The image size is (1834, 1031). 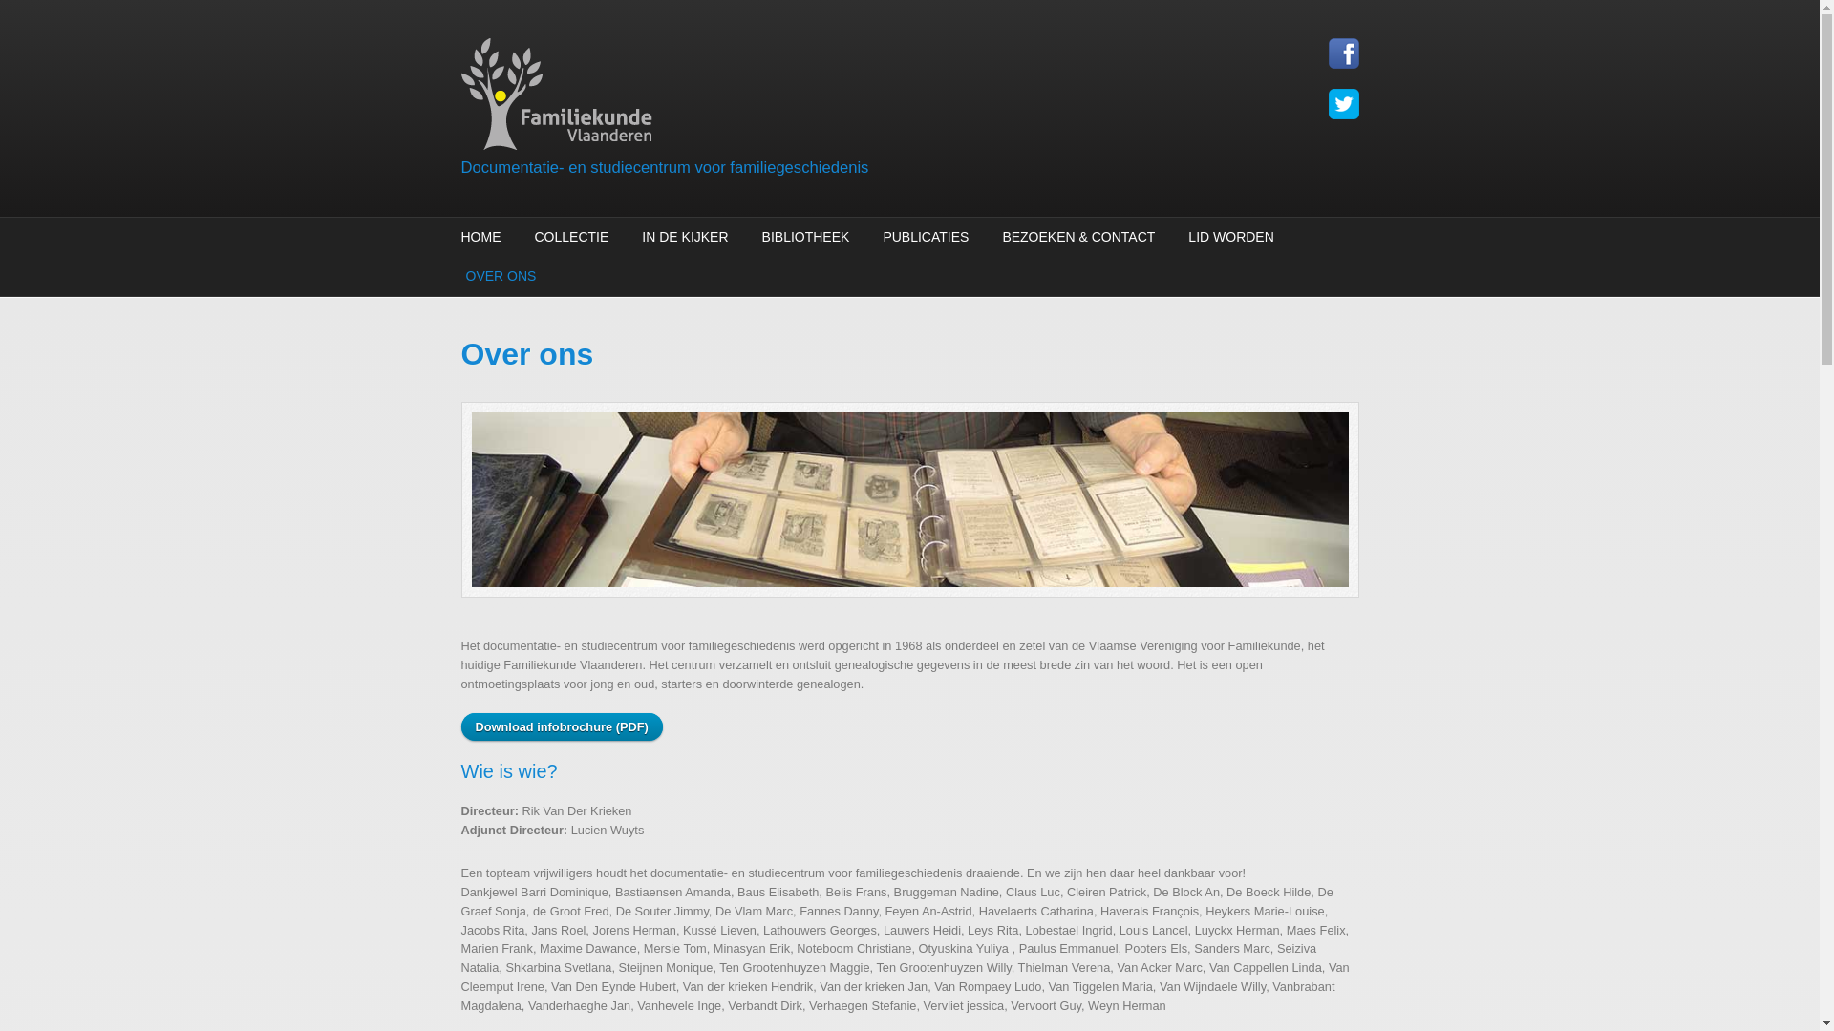 What do you see at coordinates (459, 236) in the screenshot?
I see `'HOME'` at bounding box center [459, 236].